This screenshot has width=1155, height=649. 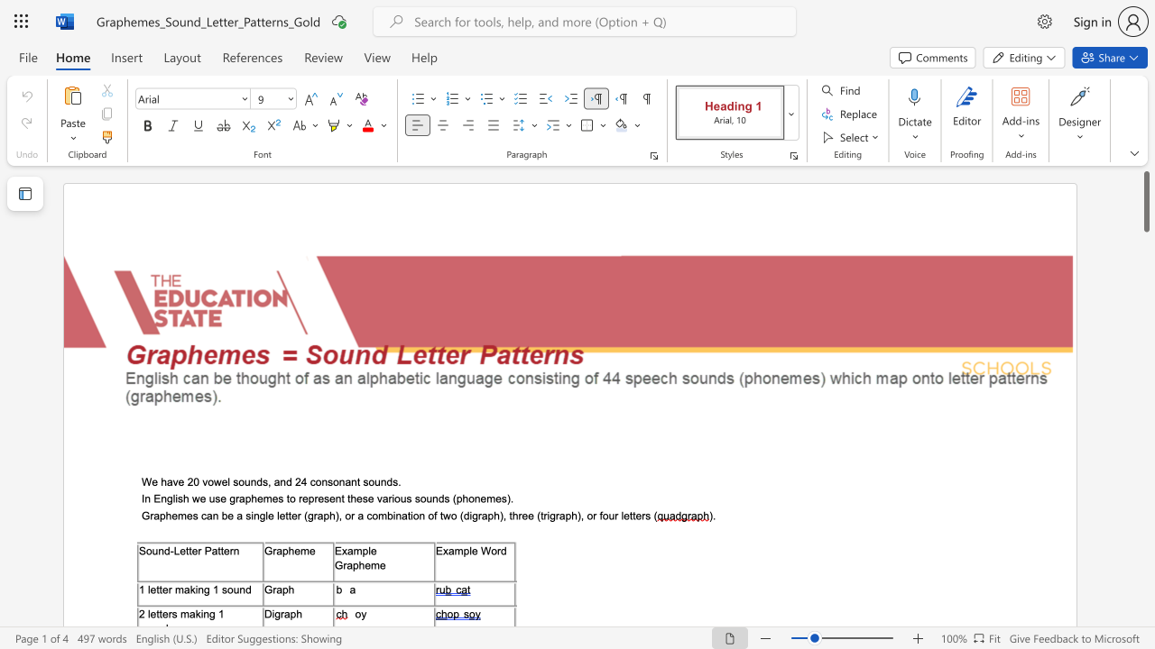 What do you see at coordinates (1145, 361) in the screenshot?
I see `the scrollbar on the right to shift the page lower` at bounding box center [1145, 361].